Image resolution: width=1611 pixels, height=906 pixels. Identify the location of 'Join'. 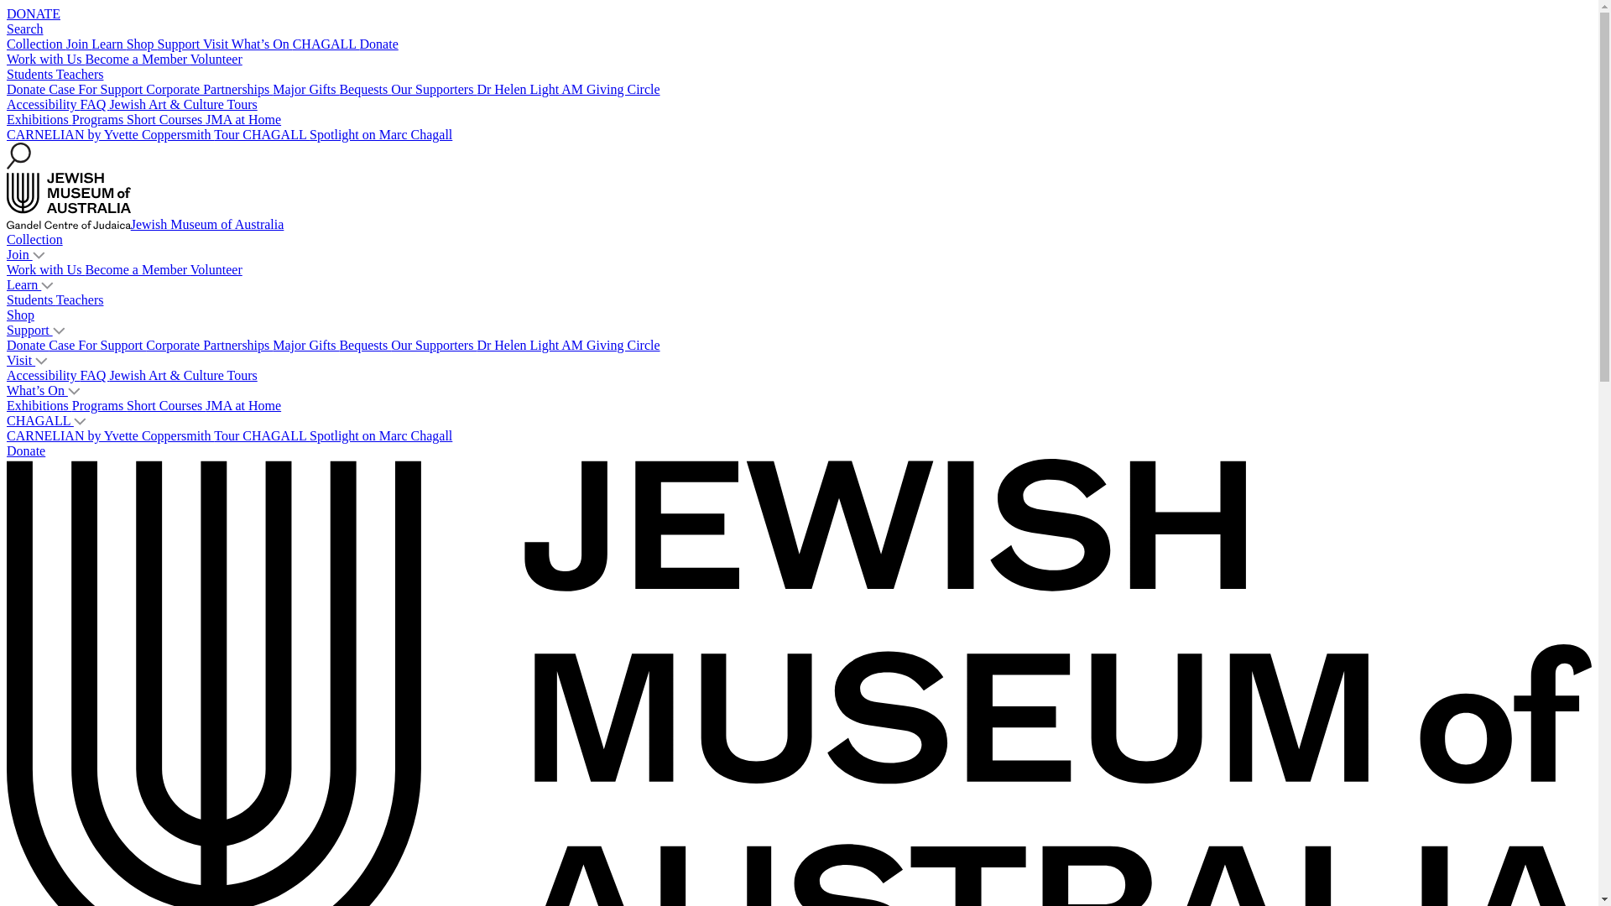
(19, 254).